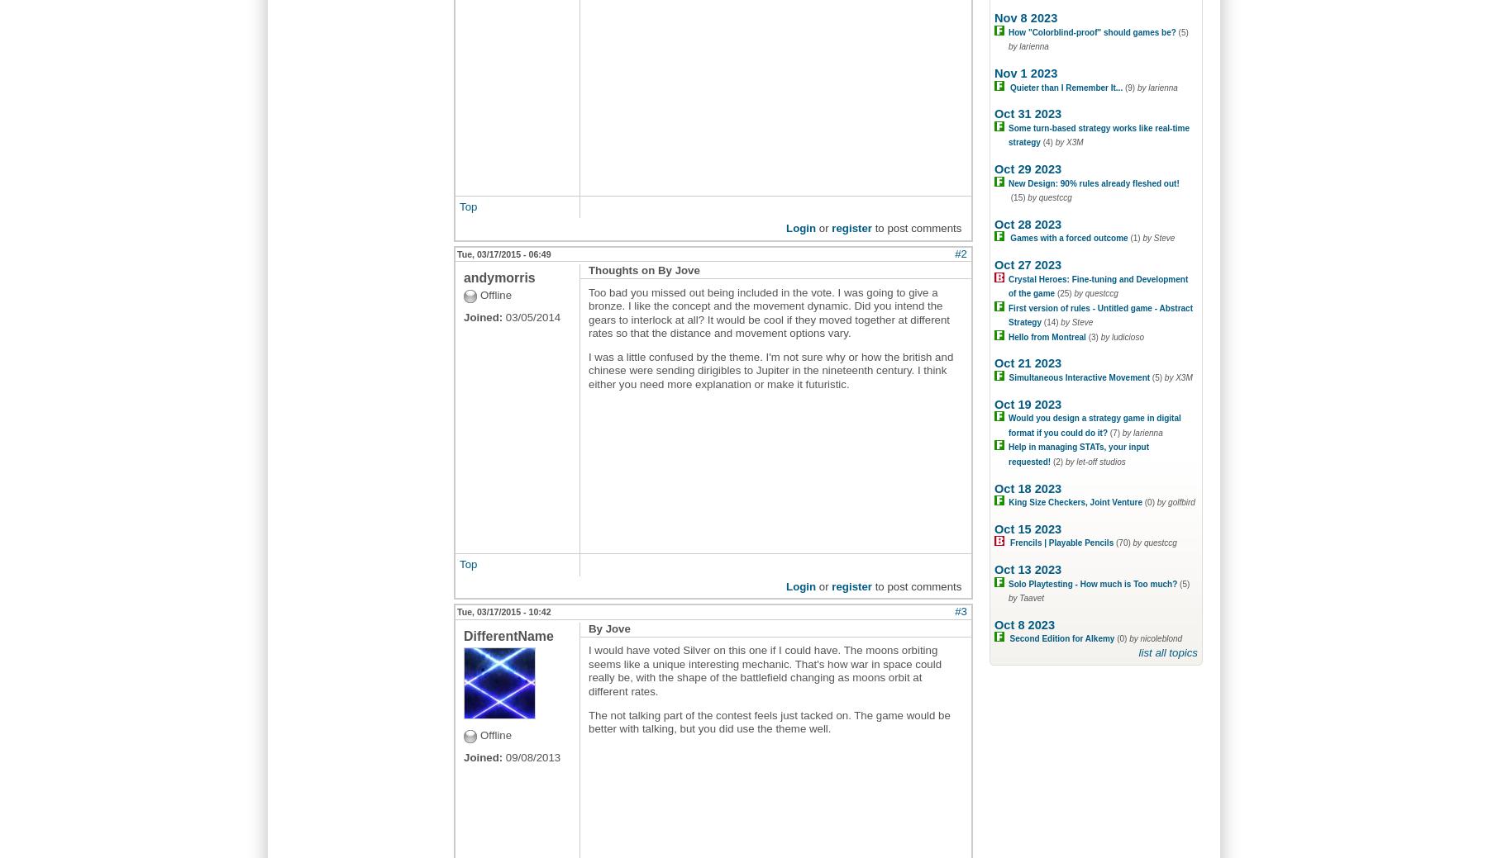 This screenshot has width=1488, height=858. Describe the element at coordinates (1058, 462) in the screenshot. I see `'(2)'` at that location.